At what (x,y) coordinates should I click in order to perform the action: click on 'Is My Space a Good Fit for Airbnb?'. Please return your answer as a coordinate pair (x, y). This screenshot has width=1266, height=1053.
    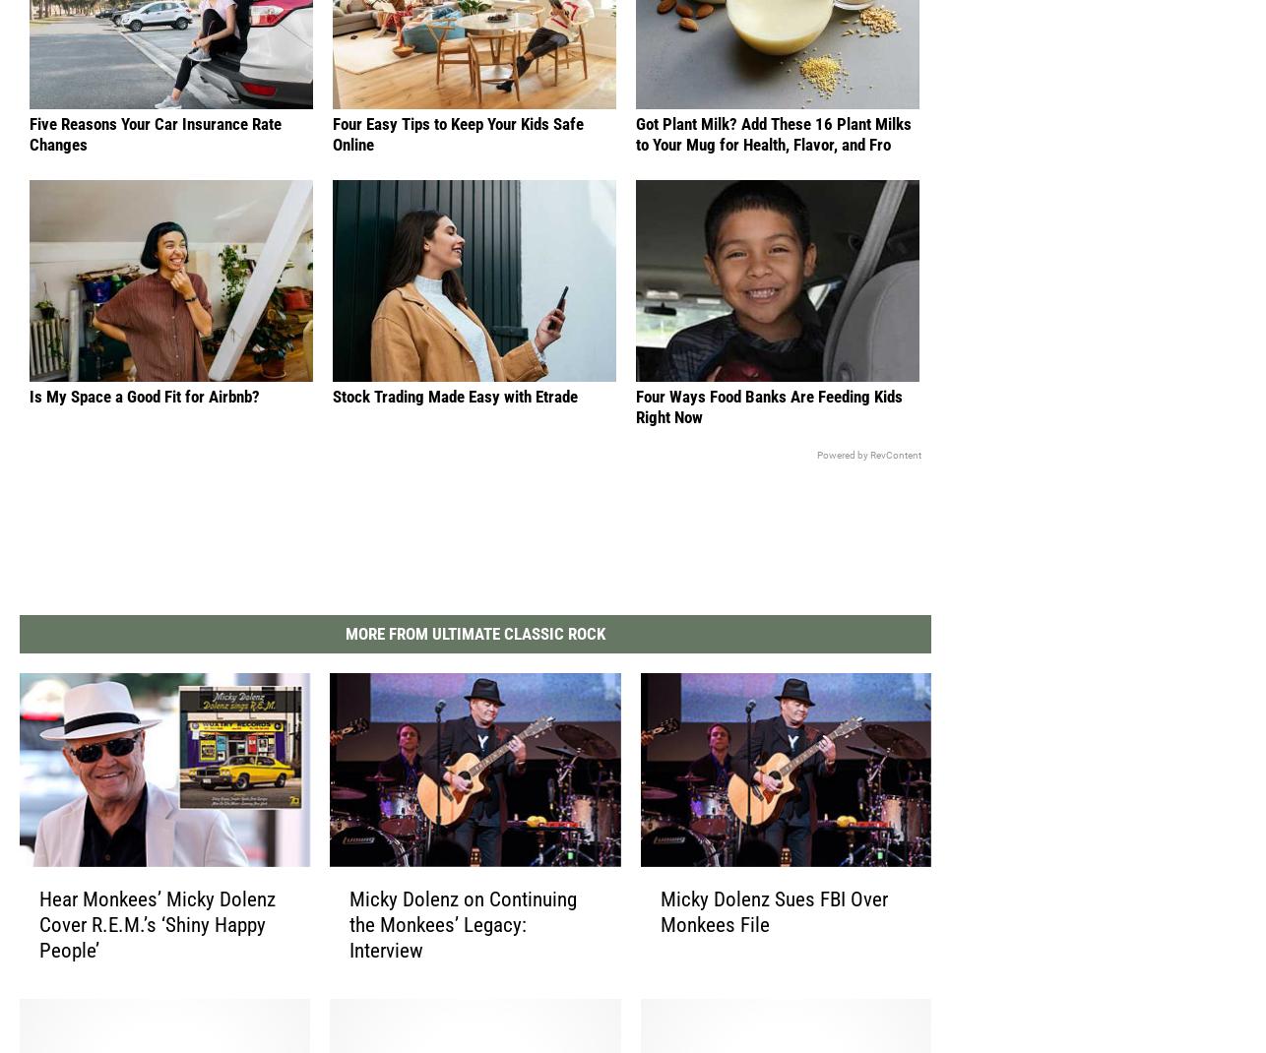
    Looking at the image, I should click on (29, 413).